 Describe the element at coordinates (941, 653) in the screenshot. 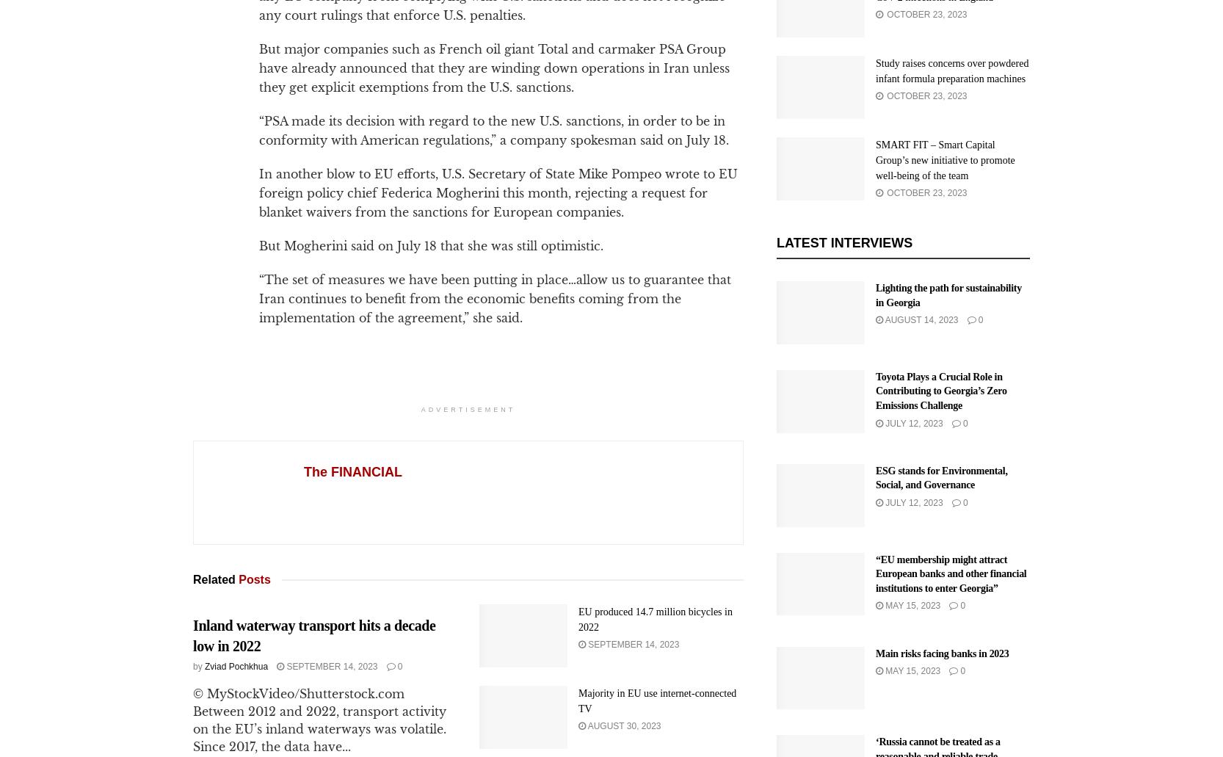

I see `'Main risks facing banks in 2023'` at that location.